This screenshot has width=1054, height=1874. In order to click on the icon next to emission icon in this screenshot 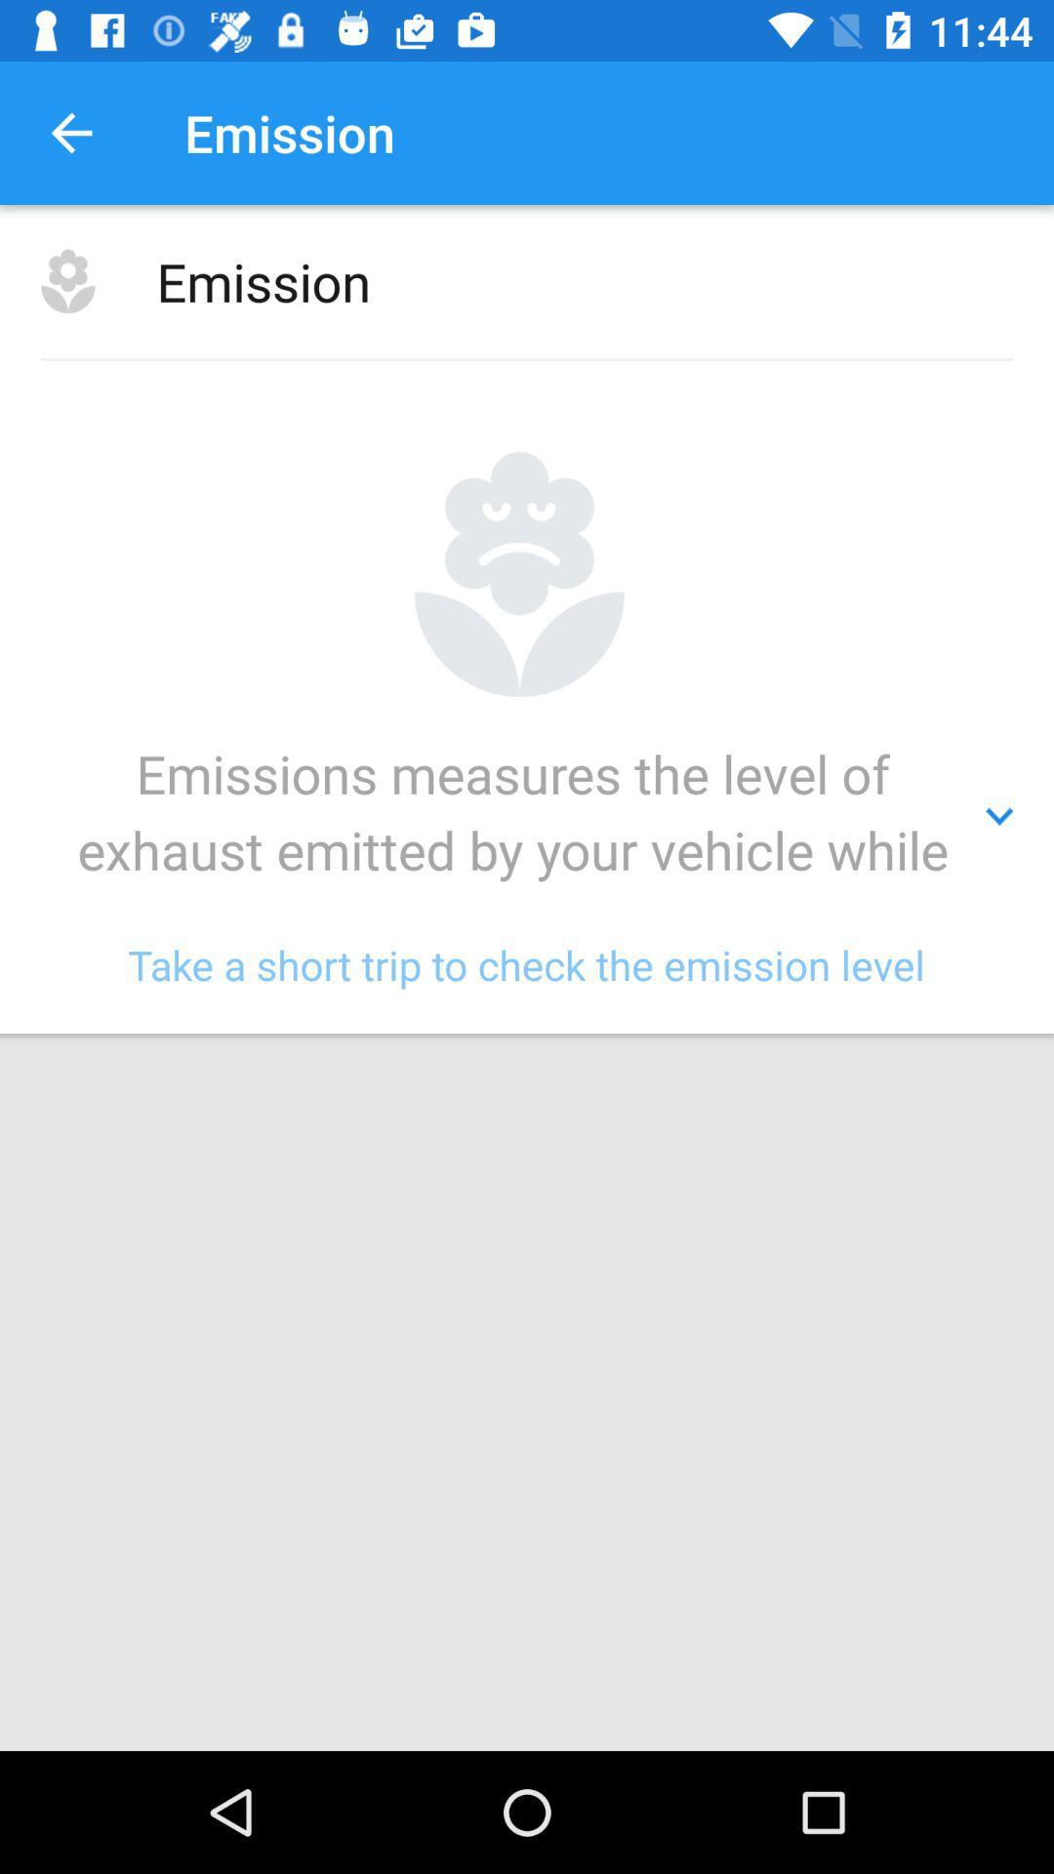, I will do `click(70, 132)`.